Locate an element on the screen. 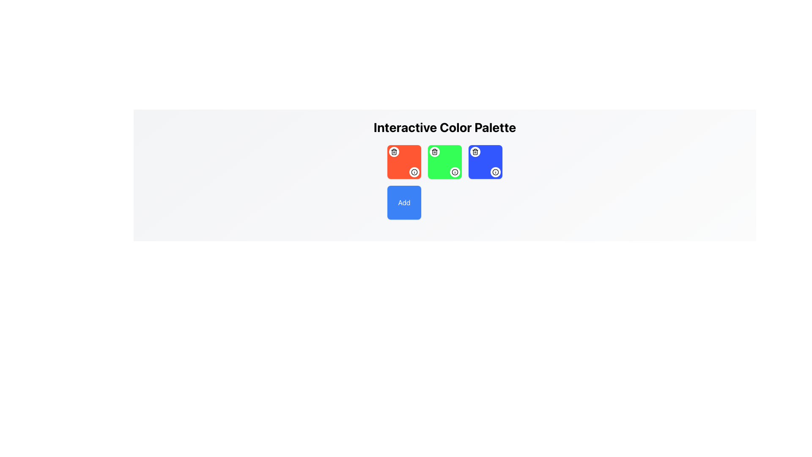 This screenshot has height=457, width=812. the trash icon button located in the top-left corner of the green tile is located at coordinates (434, 151).